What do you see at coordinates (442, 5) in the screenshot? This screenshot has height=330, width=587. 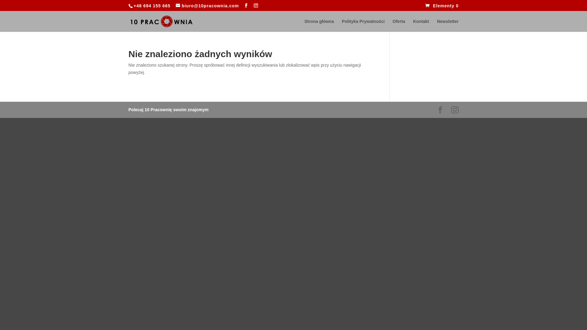 I see `'Elementy 0'` at bounding box center [442, 5].